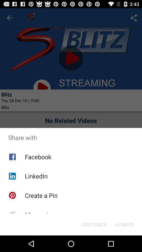 The width and height of the screenshot is (142, 252). Describe the element at coordinates (38, 157) in the screenshot. I see `app above the linkedin` at that location.